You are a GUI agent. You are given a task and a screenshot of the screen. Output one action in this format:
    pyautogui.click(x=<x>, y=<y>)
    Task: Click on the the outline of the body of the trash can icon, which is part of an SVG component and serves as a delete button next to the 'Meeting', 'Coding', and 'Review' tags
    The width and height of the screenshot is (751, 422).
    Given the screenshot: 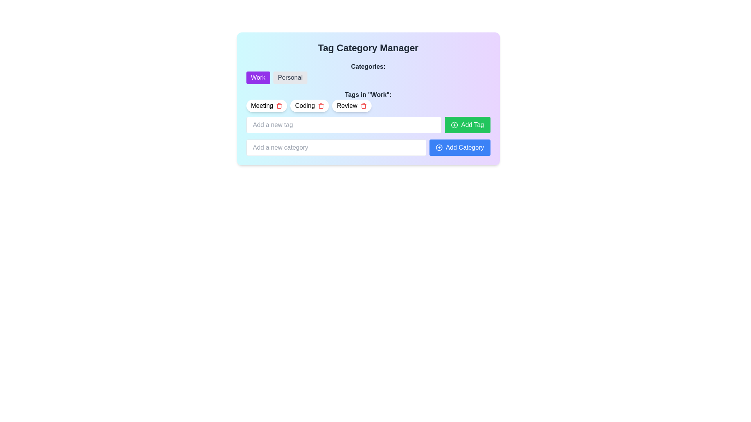 What is the action you would take?
    pyautogui.click(x=321, y=106)
    